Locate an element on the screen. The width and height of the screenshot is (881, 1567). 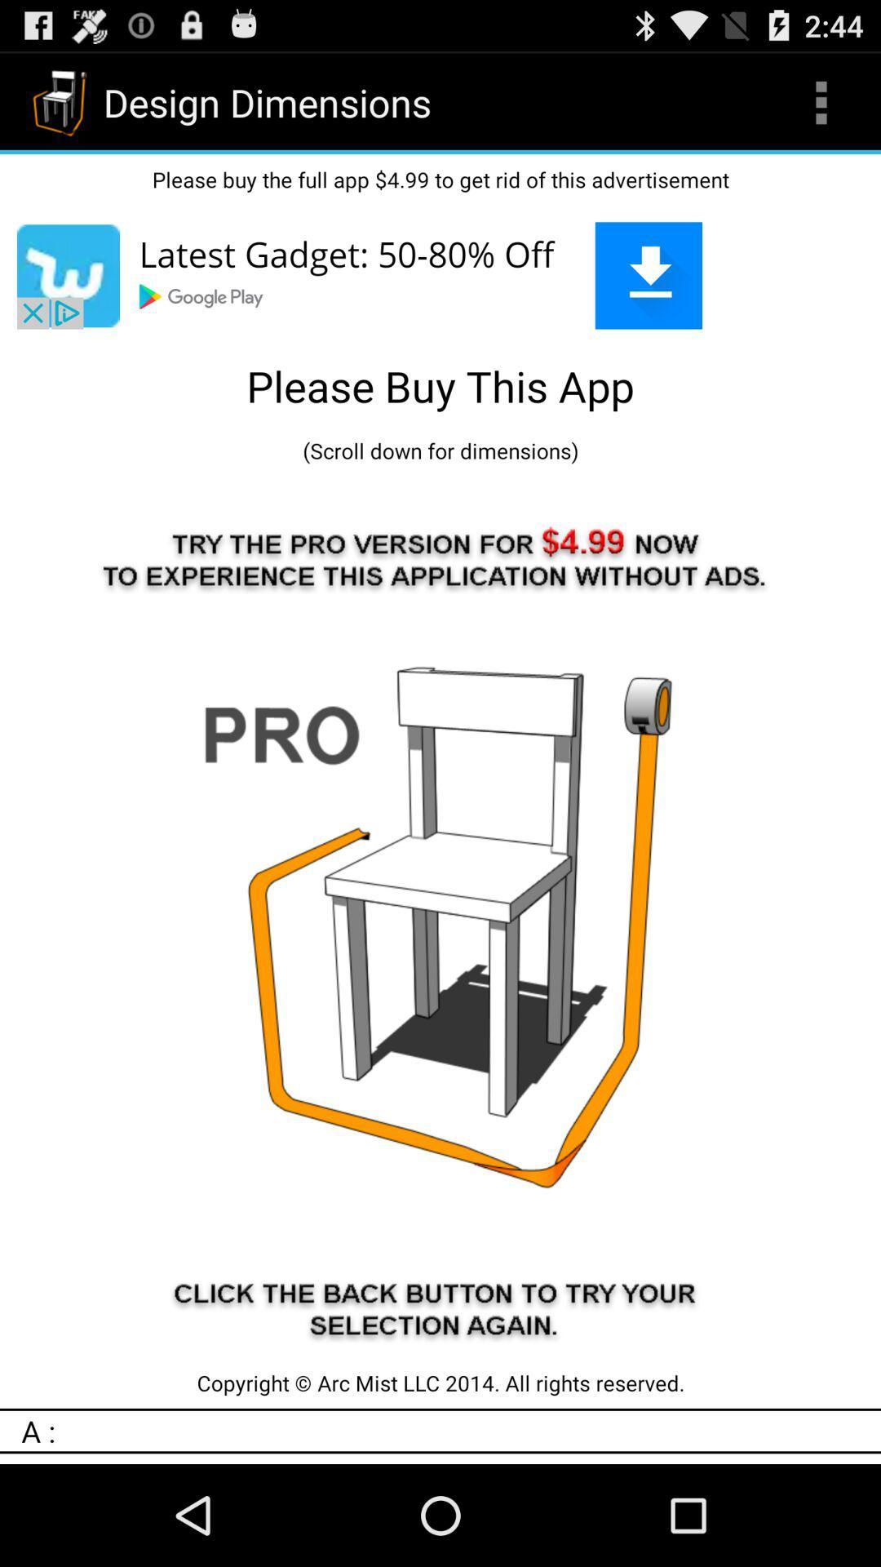
the a :  item is located at coordinates (451, 1430).